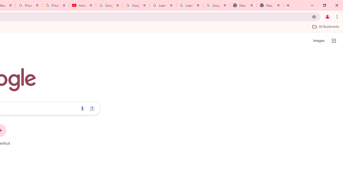  Describe the element at coordinates (319, 41) in the screenshot. I see `'Search for Images '` at that location.